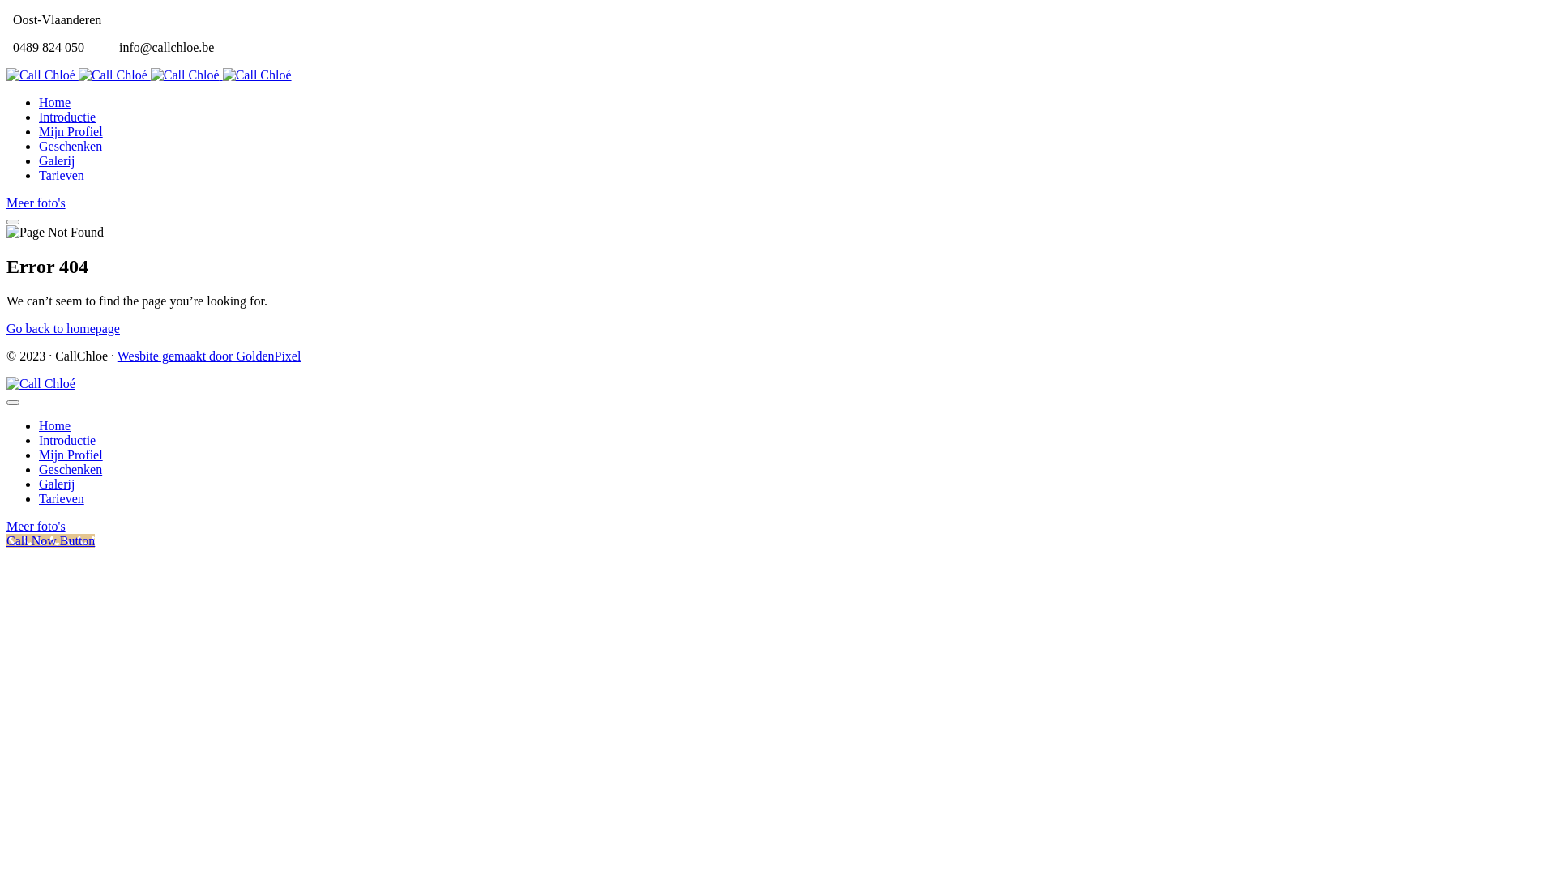  What do you see at coordinates (57, 160) in the screenshot?
I see `'Galerij'` at bounding box center [57, 160].